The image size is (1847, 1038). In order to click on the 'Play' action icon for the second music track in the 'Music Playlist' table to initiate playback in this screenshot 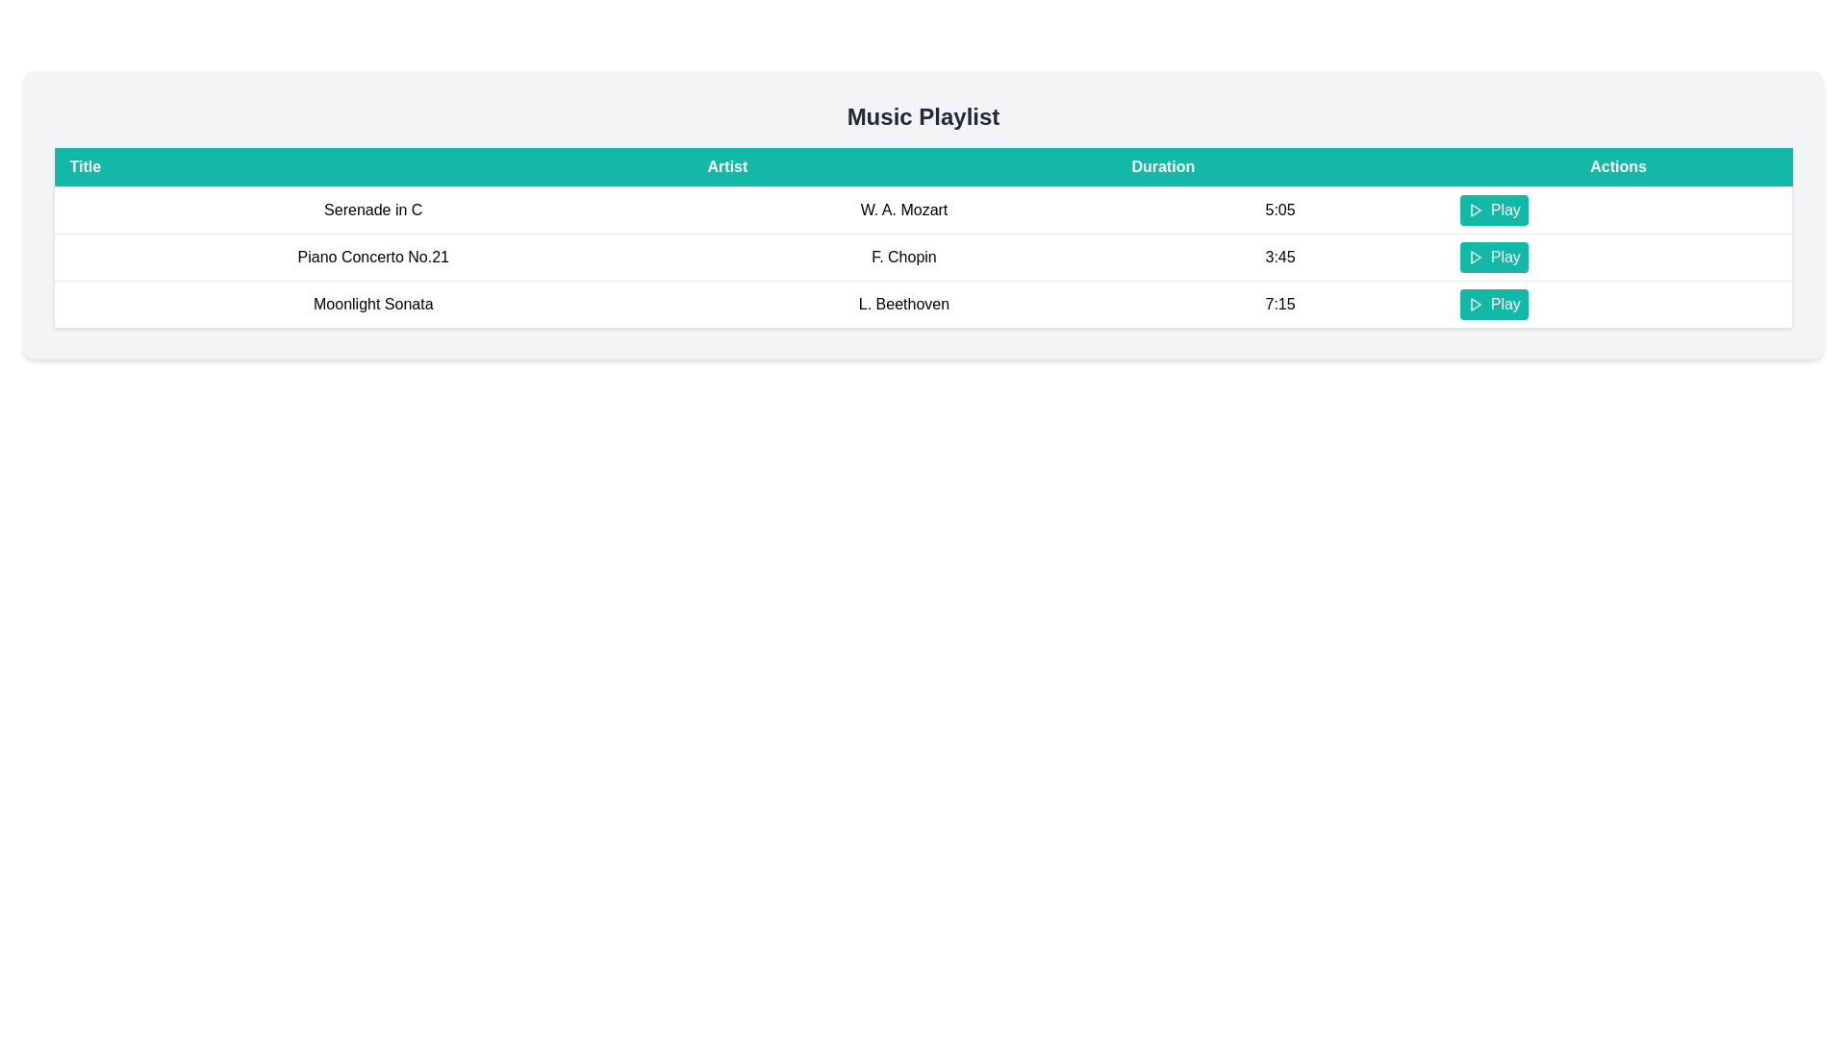, I will do `click(1475, 256)`.